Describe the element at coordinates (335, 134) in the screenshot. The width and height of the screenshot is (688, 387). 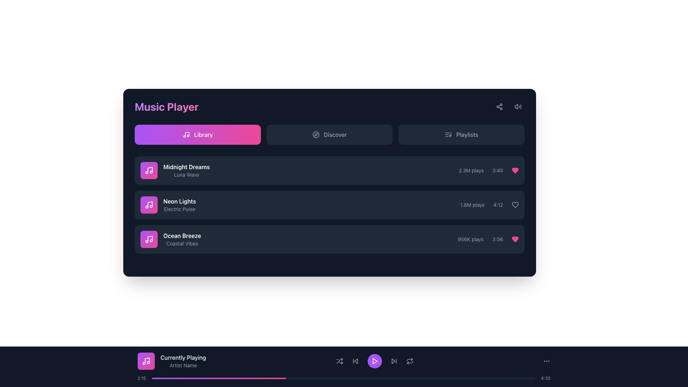
I see `the Text Label that serves as the label for the 'Discover' button` at that location.